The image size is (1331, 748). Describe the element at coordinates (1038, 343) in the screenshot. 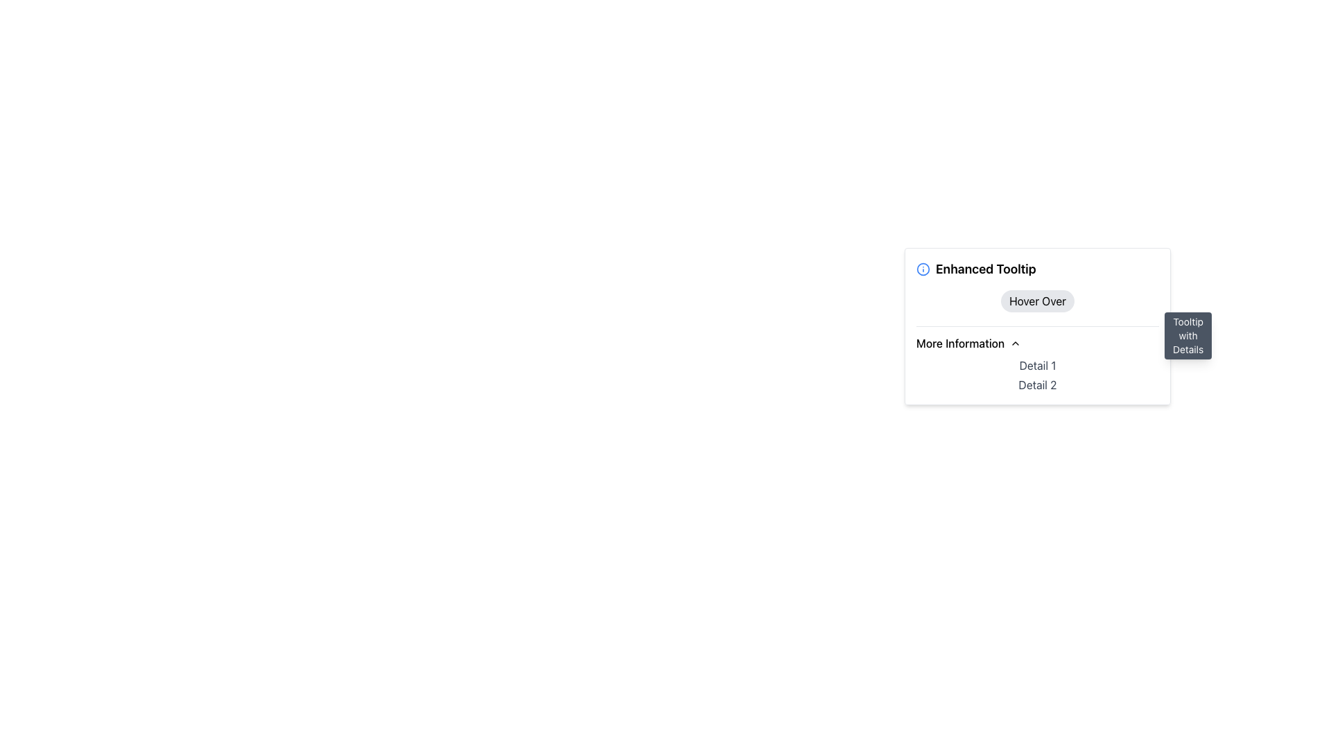

I see `the Dropdown toggle button located above 'Detail 1' and 'Detail 2'` at that location.